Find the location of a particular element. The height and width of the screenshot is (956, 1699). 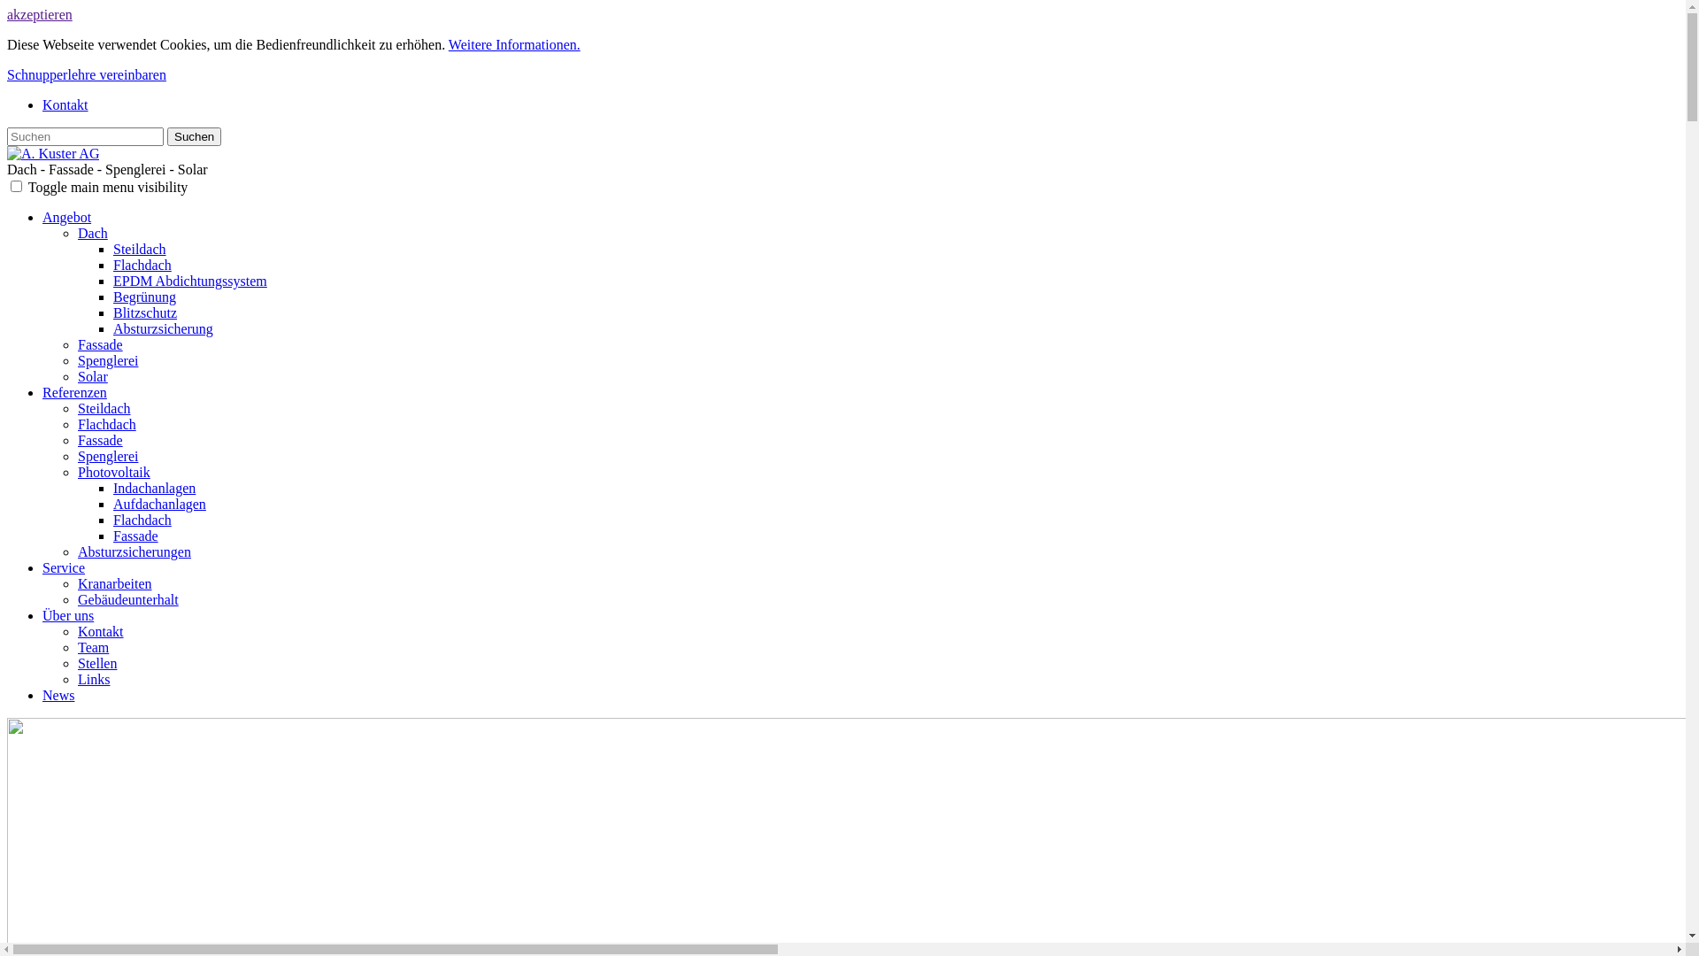

'Service' is located at coordinates (64, 567).